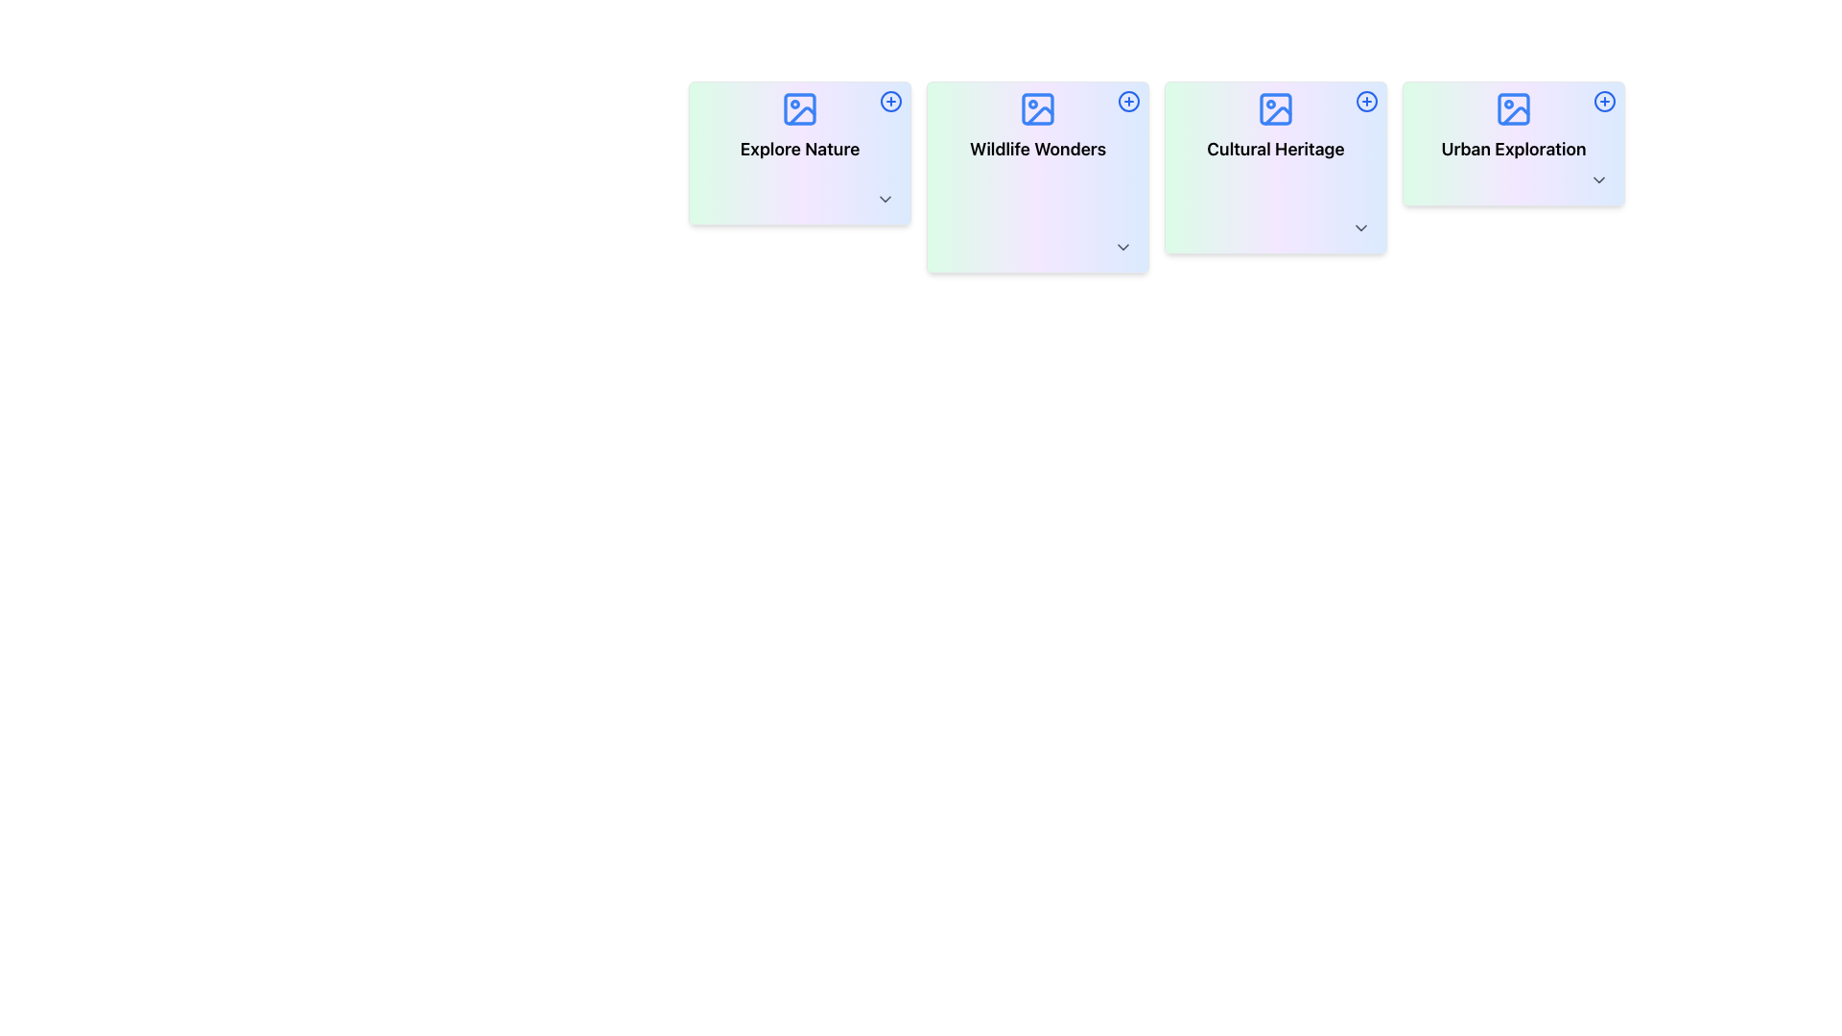 This screenshot has height=1036, width=1842. What do you see at coordinates (1036, 177) in the screenshot?
I see `the 'Wildlife Wonders' card component, which is the second card from the left in a grid layout` at bounding box center [1036, 177].